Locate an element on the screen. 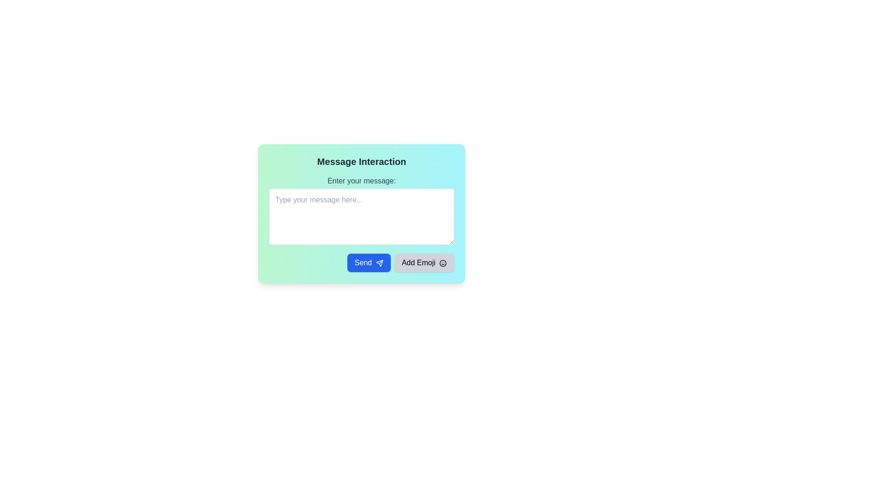  the 'Message Interaction' text label, which serves as the header for the card section and is centrally aligned at the top of the layout is located at coordinates (361, 161).